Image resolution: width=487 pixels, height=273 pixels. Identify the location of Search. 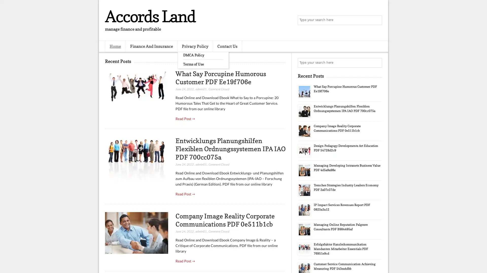
(377, 63).